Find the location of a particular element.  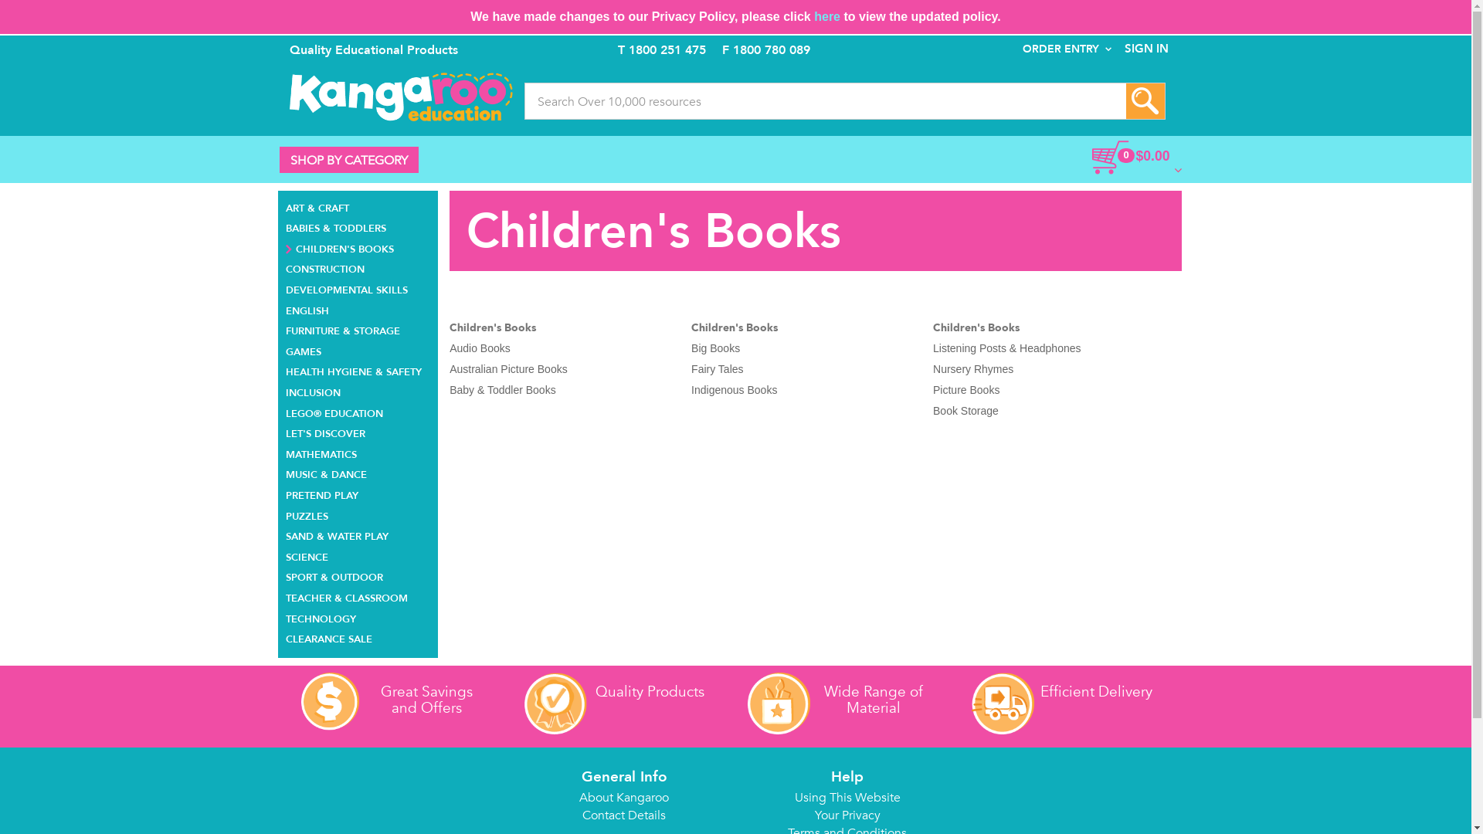

'PRETEND PLAY' is located at coordinates (321, 493).